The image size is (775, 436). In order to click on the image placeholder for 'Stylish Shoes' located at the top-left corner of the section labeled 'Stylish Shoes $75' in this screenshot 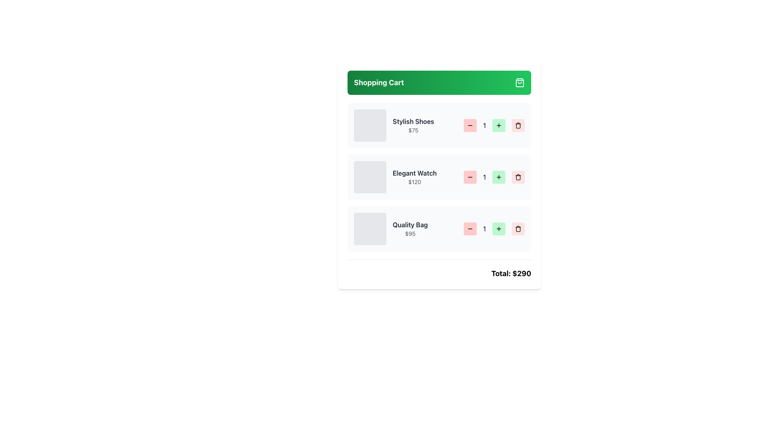, I will do `click(369, 126)`.